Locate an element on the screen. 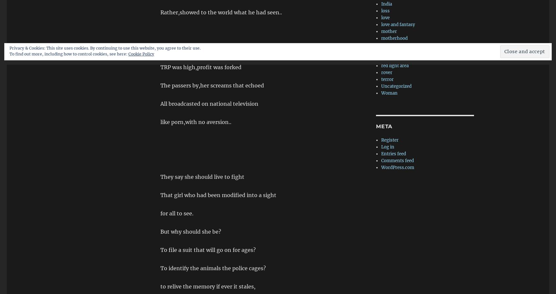  'Log in' is located at coordinates (387, 147).